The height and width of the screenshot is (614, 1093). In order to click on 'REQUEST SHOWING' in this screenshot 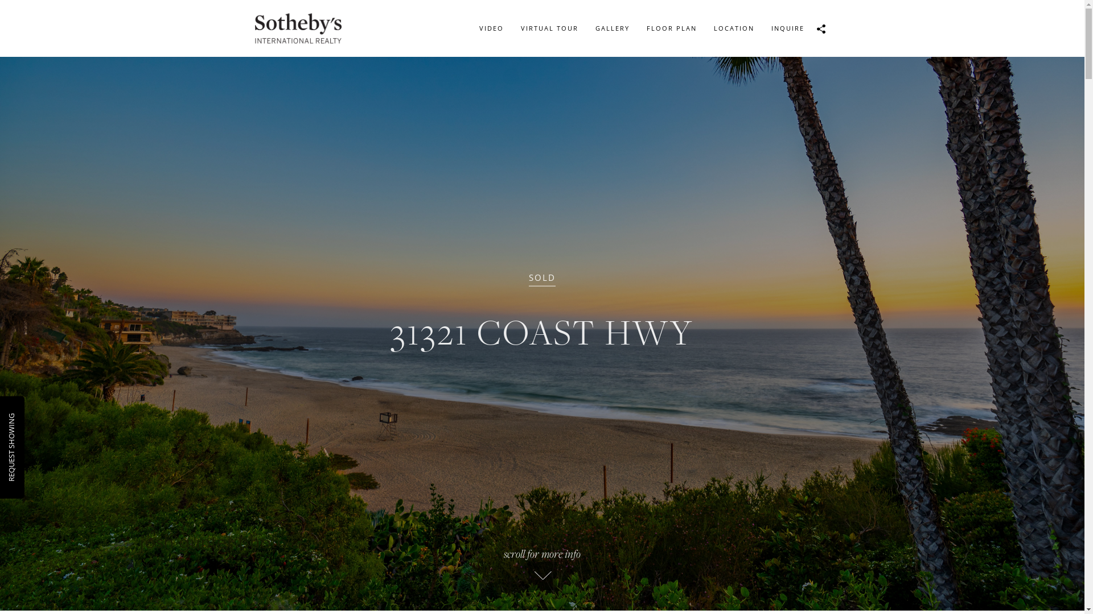, I will do `click(40, 418)`.